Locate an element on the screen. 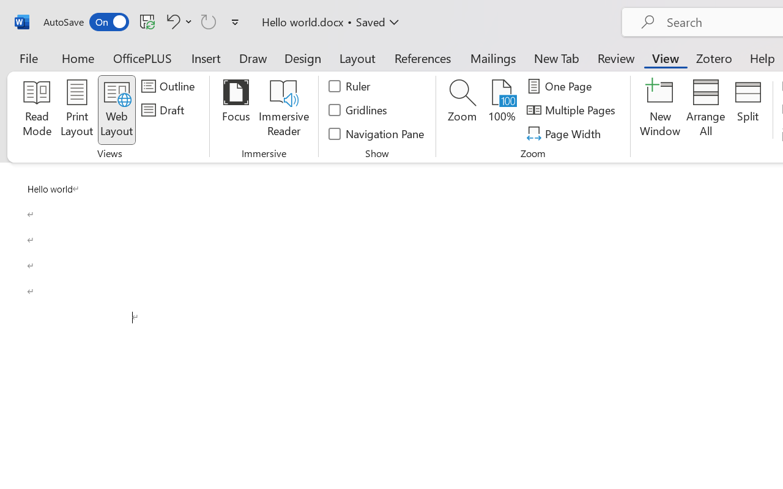 This screenshot has width=783, height=489. 'Undo Paragraph Formatting' is located at coordinates (177, 21).